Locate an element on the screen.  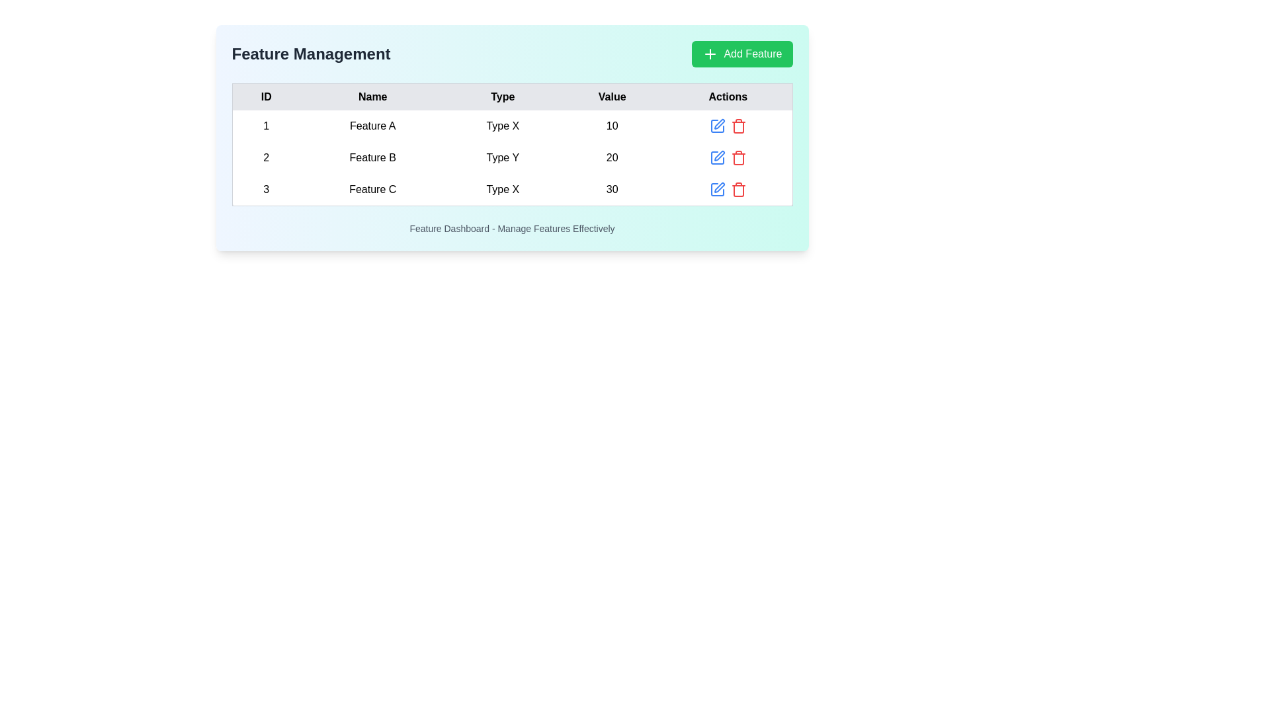
the second row in the table that displays a record of a specific feature, positioned between rows labeled '1' and '3' is located at coordinates (511, 157).